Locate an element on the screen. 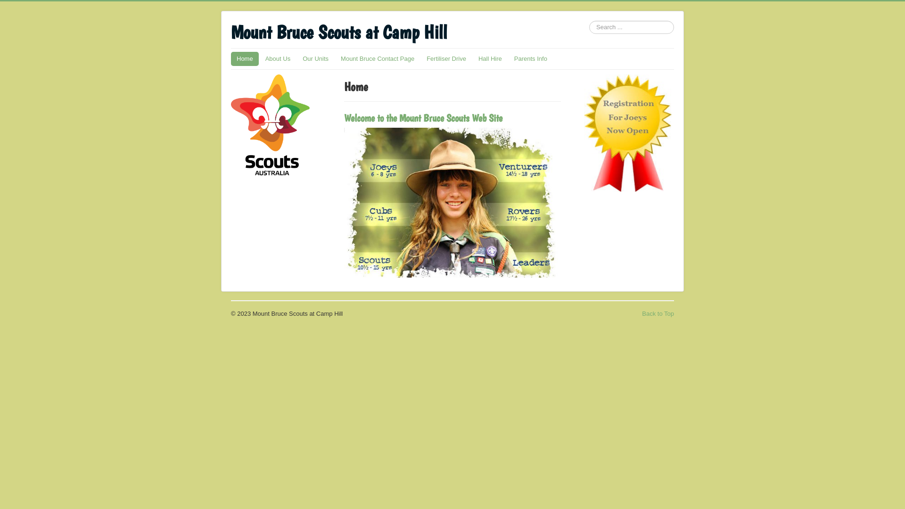  'About Us' is located at coordinates (277, 58).